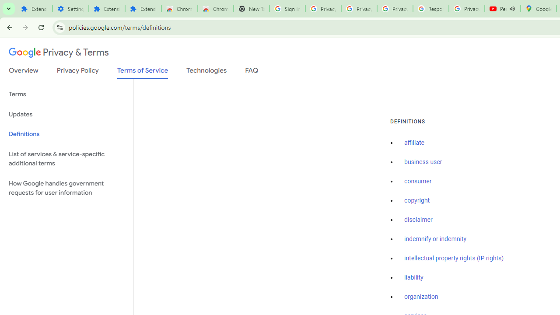  I want to click on 'Sign in - Google Accounts', so click(287, 9).